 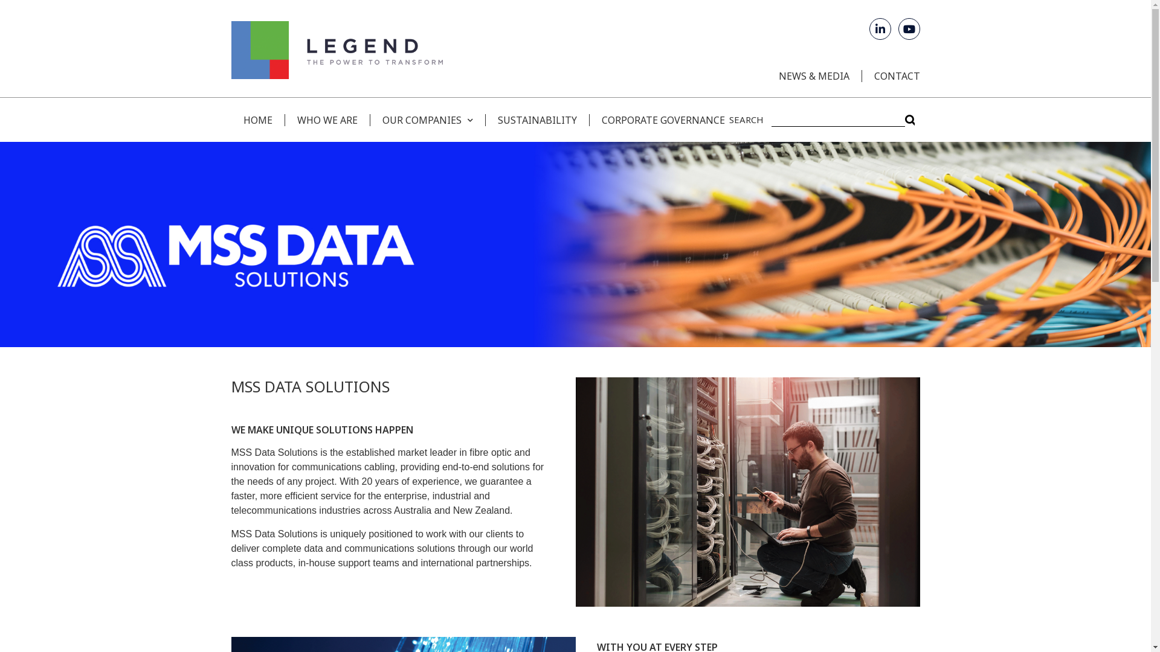 I want to click on 'CORPORATE GOVERNANCE', so click(x=656, y=119).